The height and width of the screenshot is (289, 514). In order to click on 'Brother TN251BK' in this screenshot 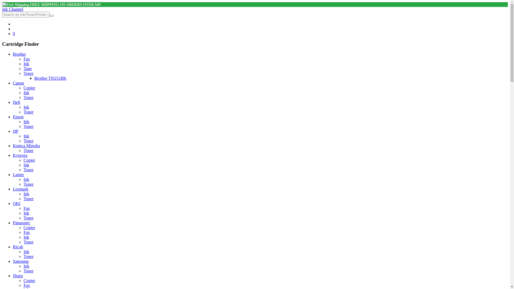, I will do `click(50, 78)`.